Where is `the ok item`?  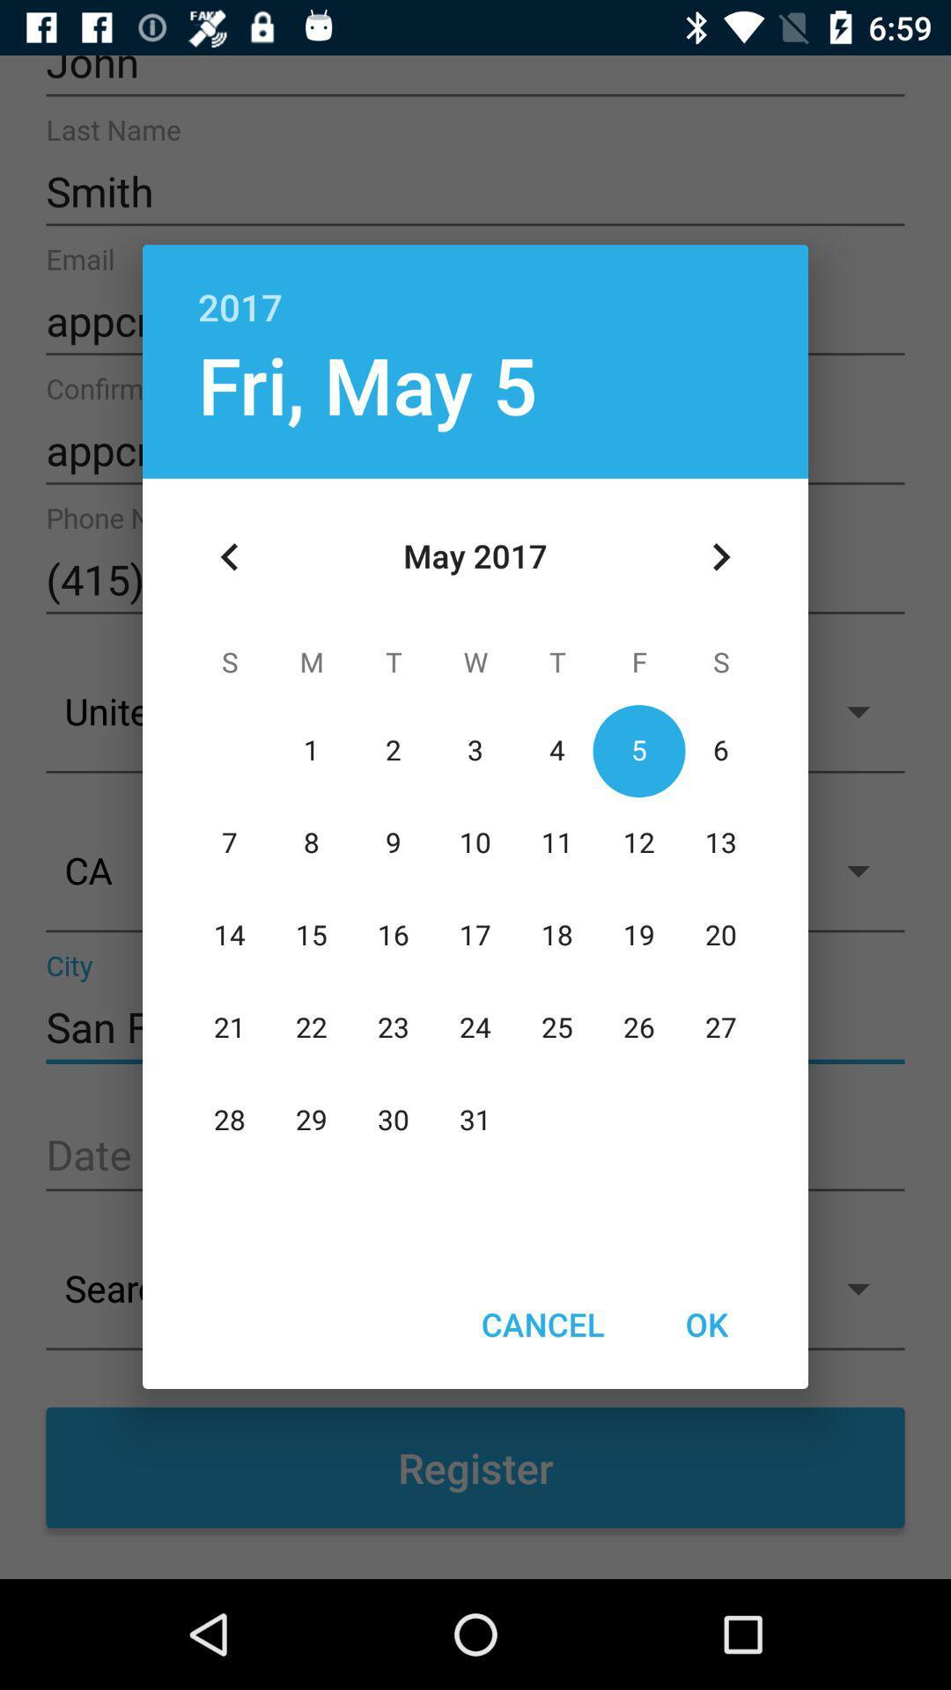
the ok item is located at coordinates (705, 1324).